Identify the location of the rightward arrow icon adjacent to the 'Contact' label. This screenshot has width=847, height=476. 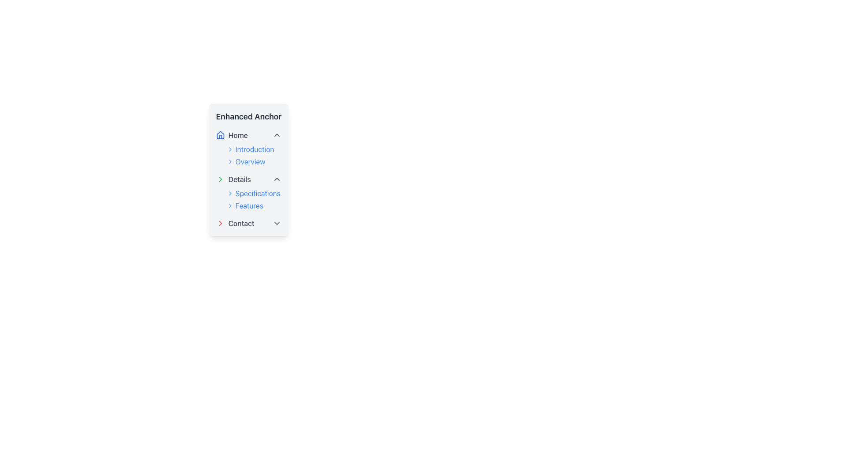
(220, 223).